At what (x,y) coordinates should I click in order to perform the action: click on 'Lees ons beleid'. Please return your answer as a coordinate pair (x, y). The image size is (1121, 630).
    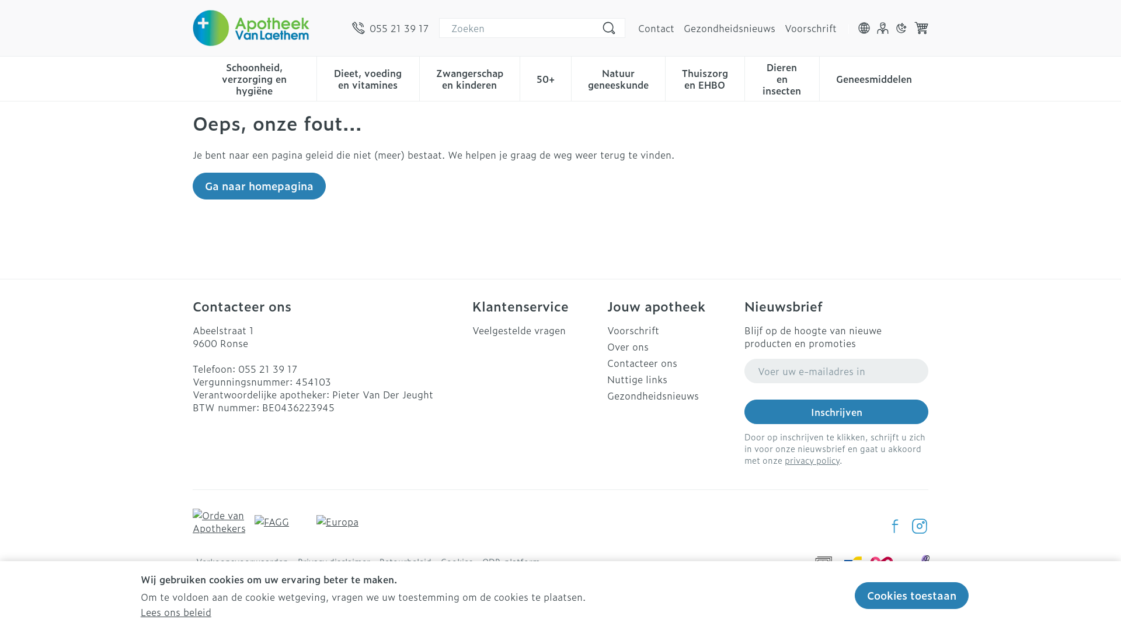
    Looking at the image, I should click on (175, 611).